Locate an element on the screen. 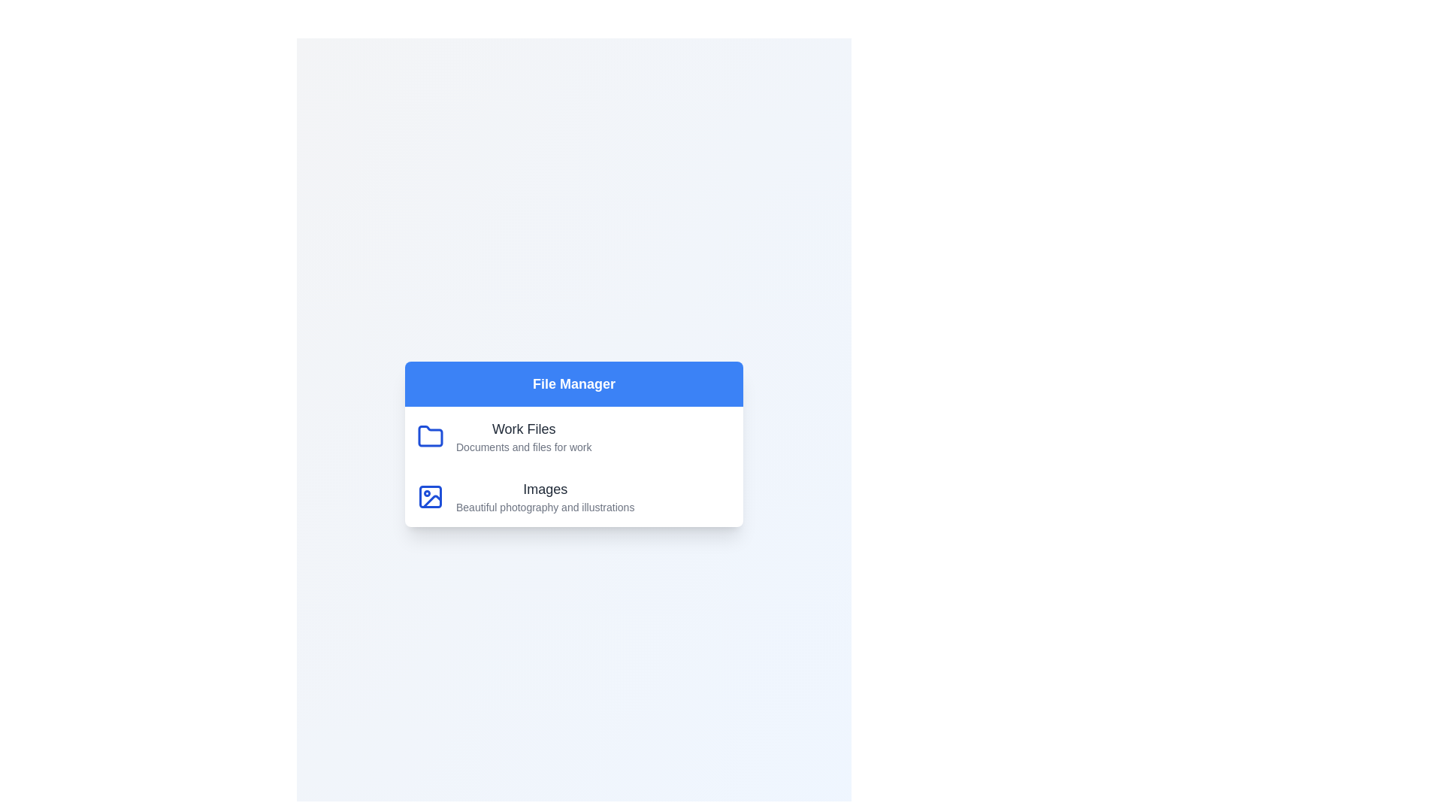 The image size is (1443, 812). the description text of the category Work Files is located at coordinates (523, 446).